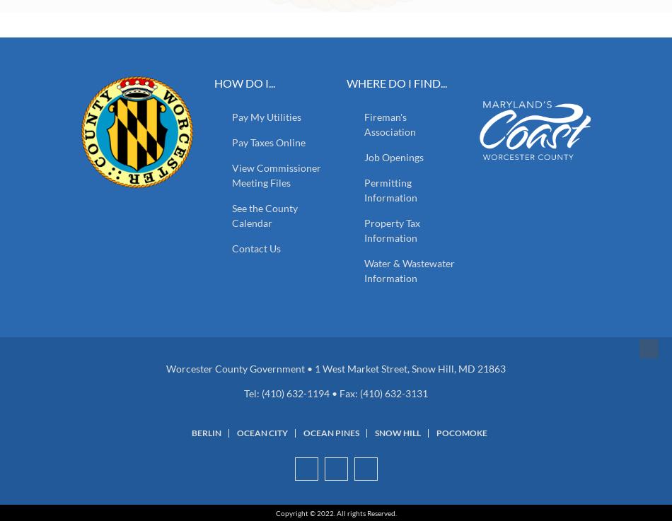  What do you see at coordinates (336, 392) in the screenshot?
I see `'Tel: (410) 632-1194 • Fax: (410) 632-3131'` at bounding box center [336, 392].